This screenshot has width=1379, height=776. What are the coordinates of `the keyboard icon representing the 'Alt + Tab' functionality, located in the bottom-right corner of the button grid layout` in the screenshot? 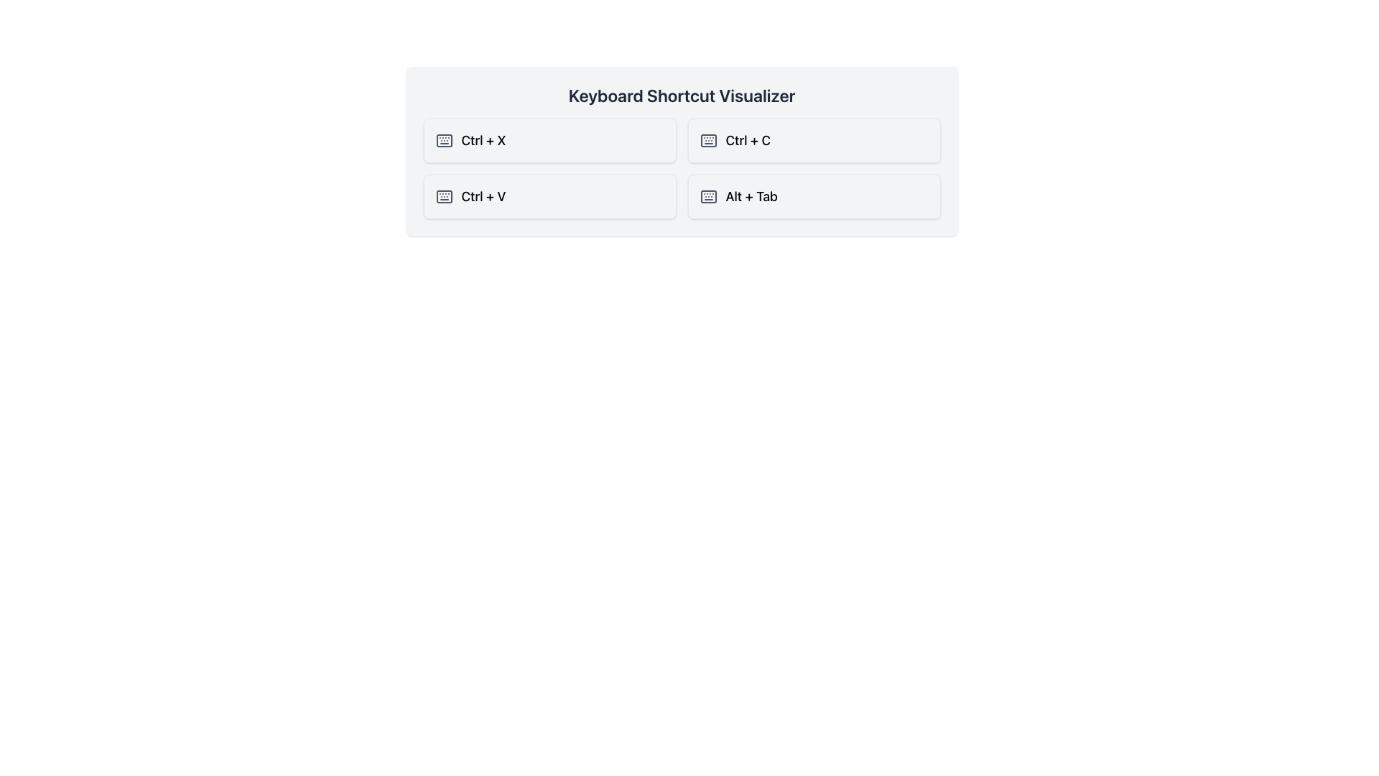 It's located at (708, 196).